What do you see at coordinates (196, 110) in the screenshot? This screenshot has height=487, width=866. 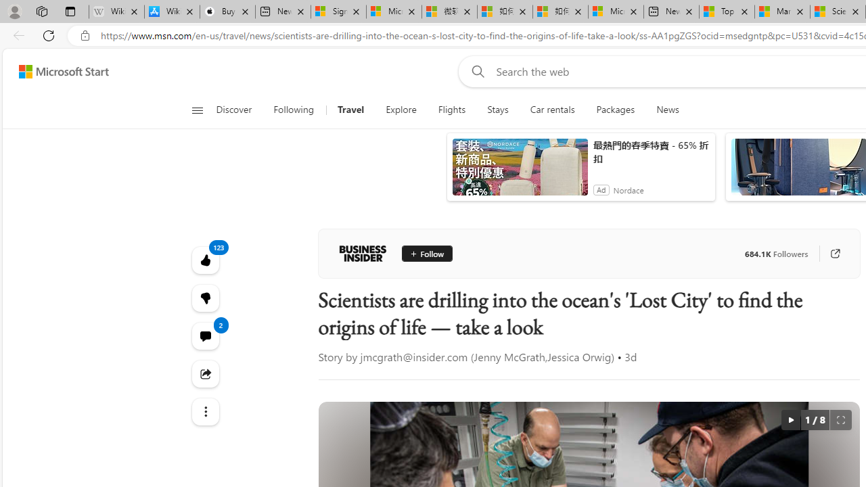 I see `'Class: button-glyph'` at bounding box center [196, 110].